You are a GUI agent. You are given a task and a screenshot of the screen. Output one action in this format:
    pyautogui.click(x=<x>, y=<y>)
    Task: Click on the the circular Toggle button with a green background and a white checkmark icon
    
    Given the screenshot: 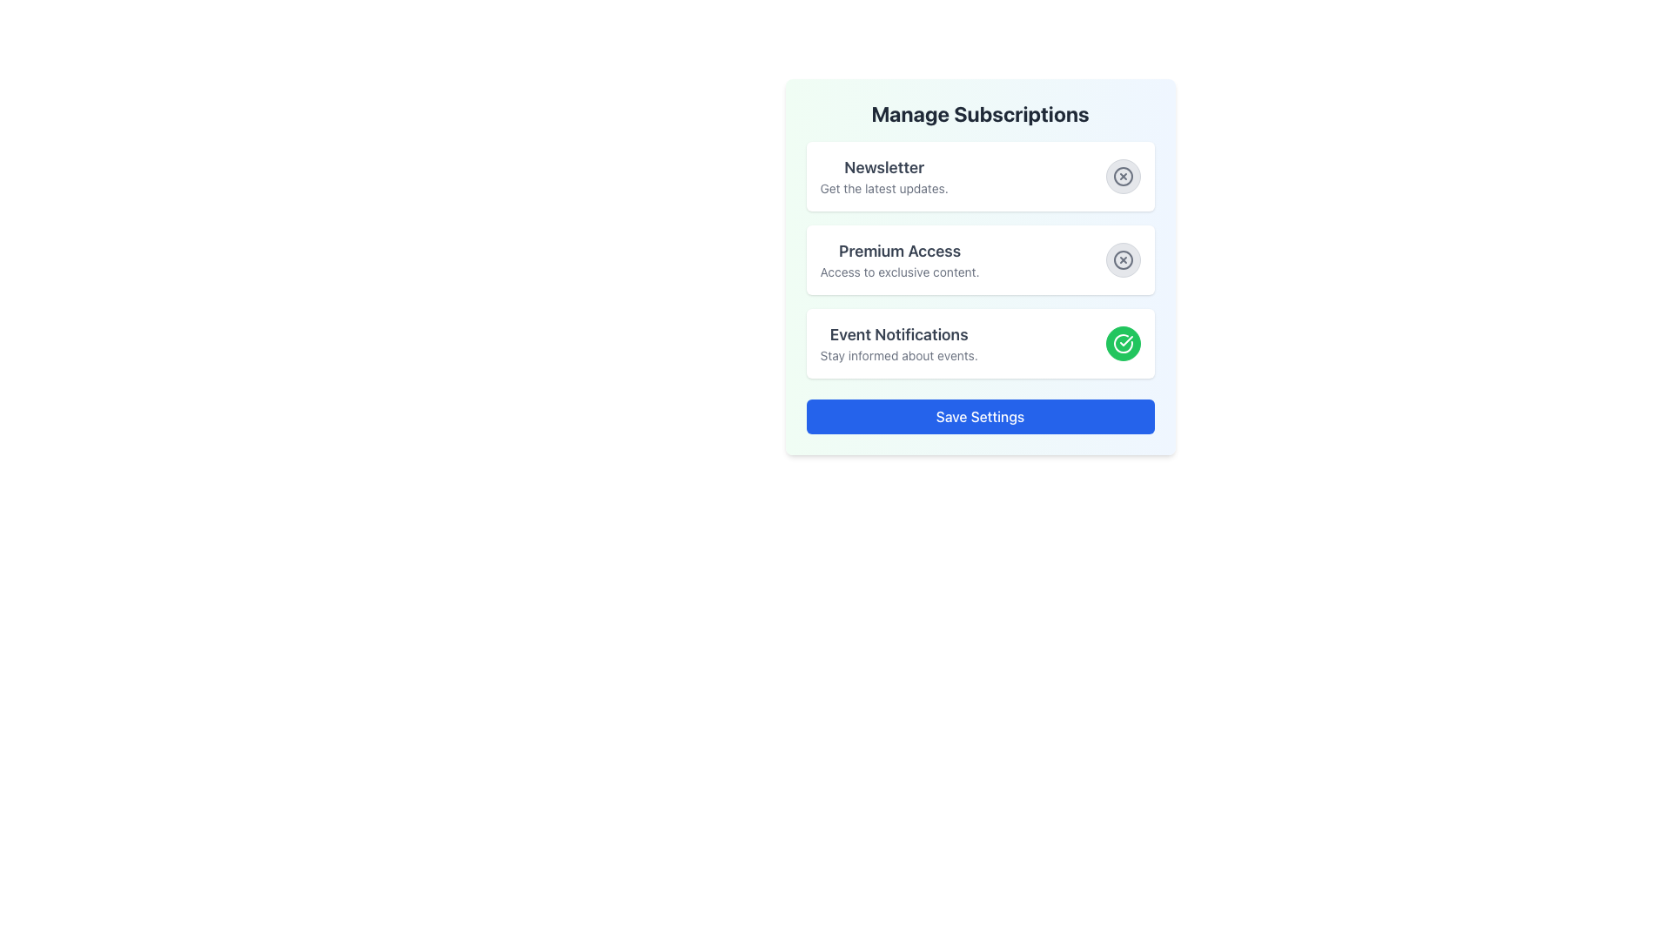 What is the action you would take?
    pyautogui.click(x=1123, y=343)
    